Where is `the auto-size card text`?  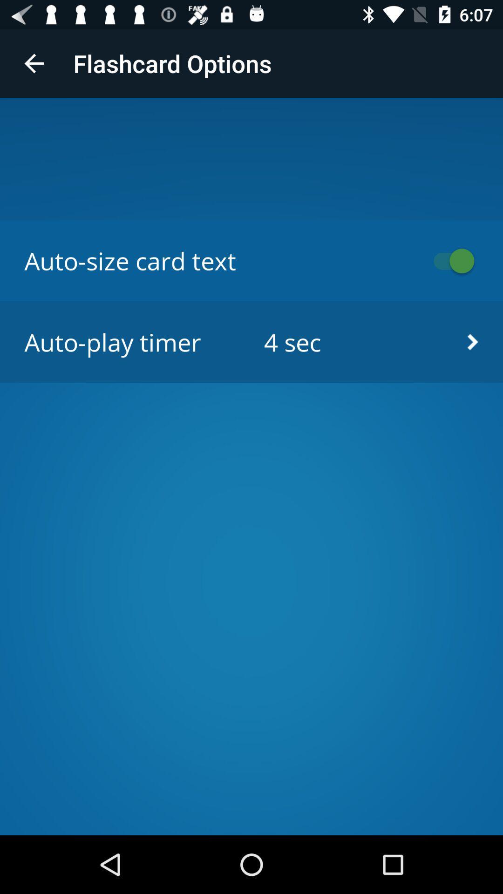
the auto-size card text is located at coordinates (449, 261).